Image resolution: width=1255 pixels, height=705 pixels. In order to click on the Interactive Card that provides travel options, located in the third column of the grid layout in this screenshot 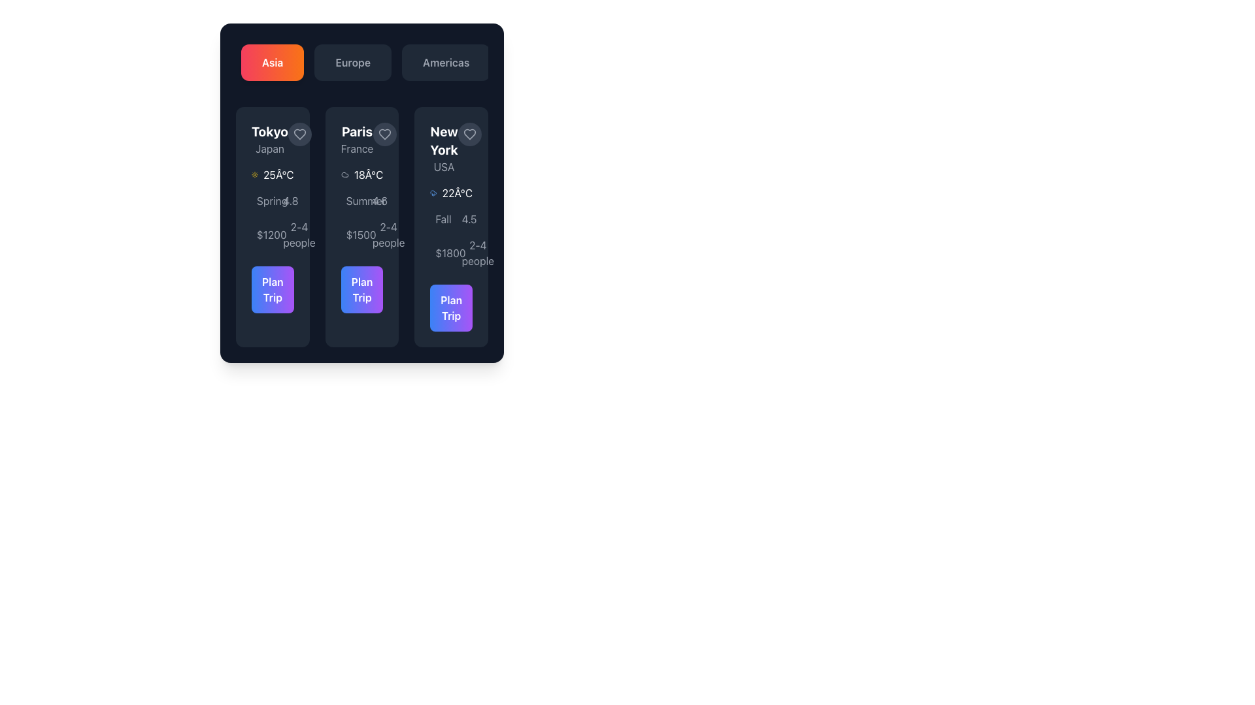, I will do `click(451, 226)`.